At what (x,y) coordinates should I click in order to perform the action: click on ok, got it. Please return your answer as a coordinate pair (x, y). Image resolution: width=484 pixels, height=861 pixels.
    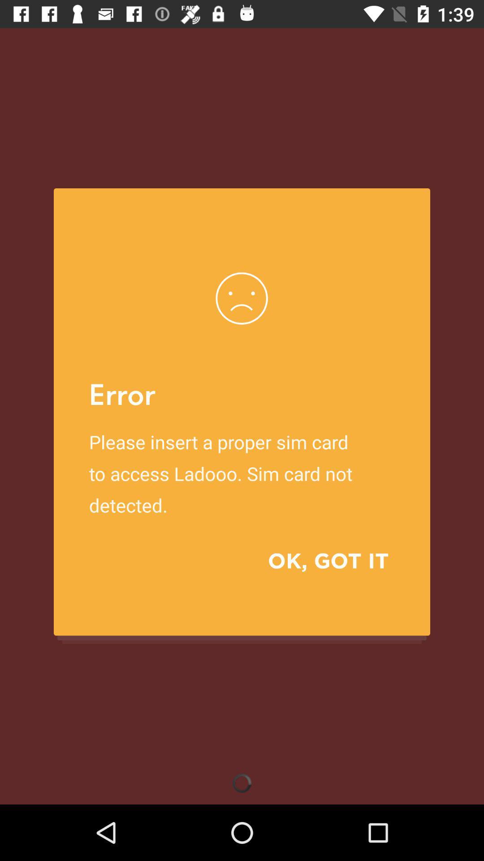
    Looking at the image, I should click on (315, 560).